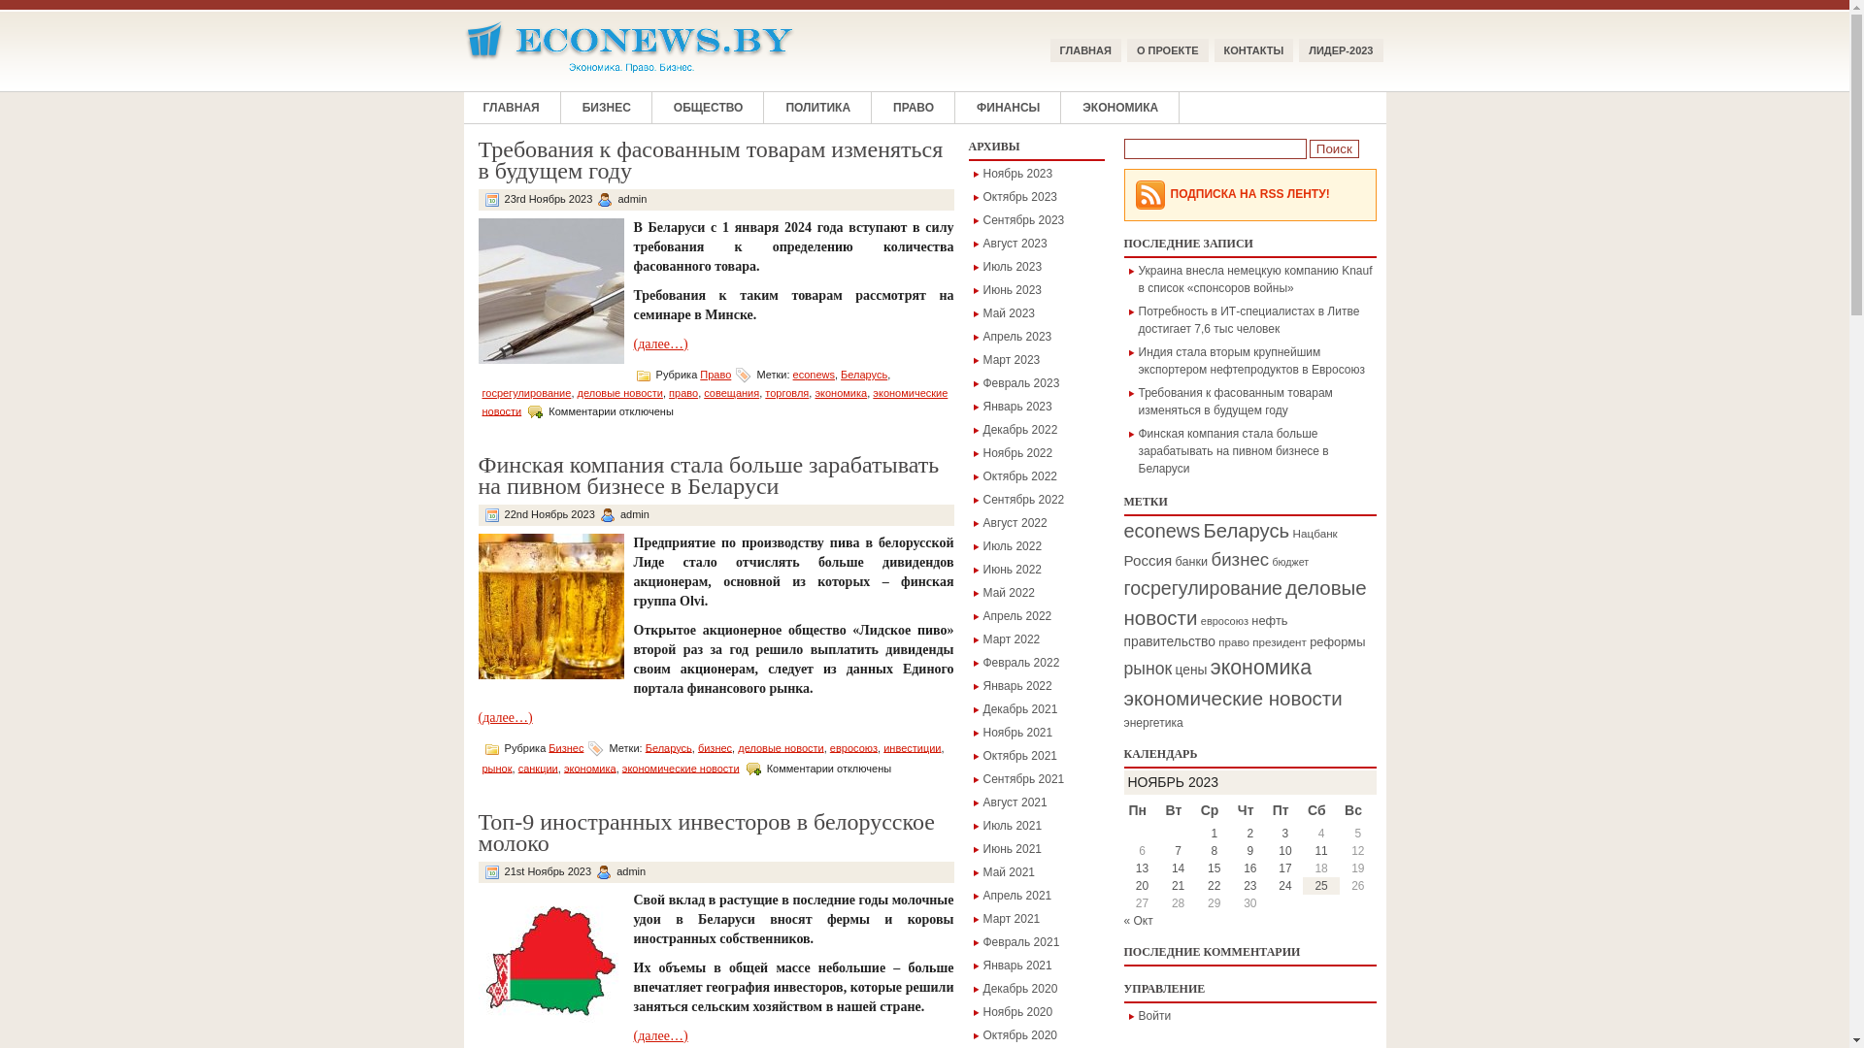 The image size is (1864, 1048). What do you see at coordinates (1173, 849) in the screenshot?
I see `'7'` at bounding box center [1173, 849].